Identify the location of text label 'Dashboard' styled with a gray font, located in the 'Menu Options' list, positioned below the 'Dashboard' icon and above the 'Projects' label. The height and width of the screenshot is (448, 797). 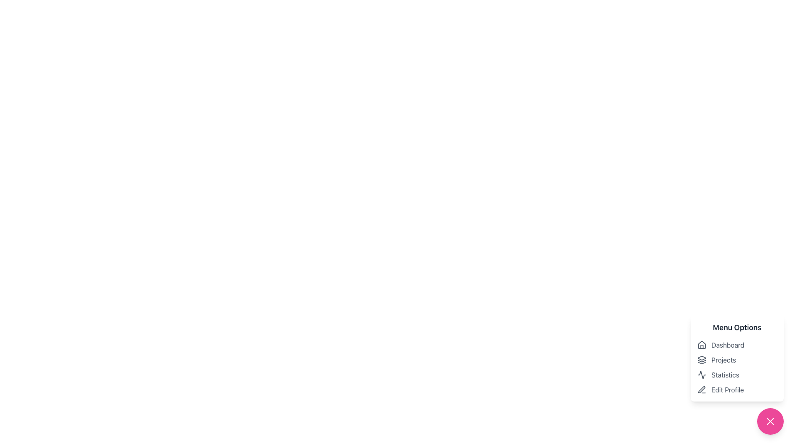
(727, 345).